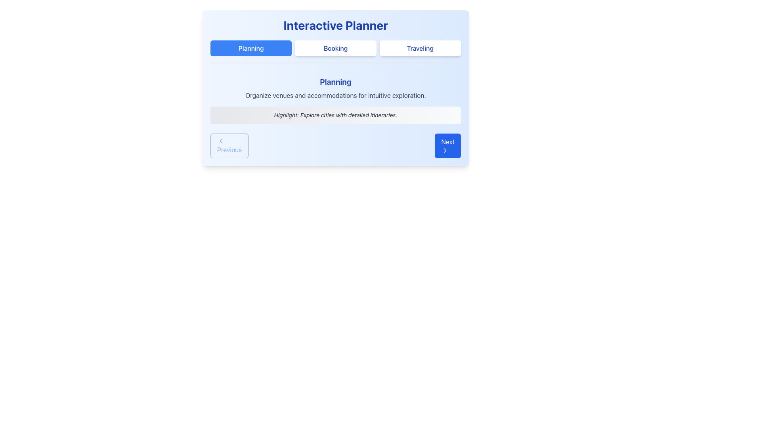  I want to click on the 'Next' button containing the right-facing chevron icon, which is styled with a transparent background and white lines, positioned at the bottom-right of the main interface, so click(445, 151).